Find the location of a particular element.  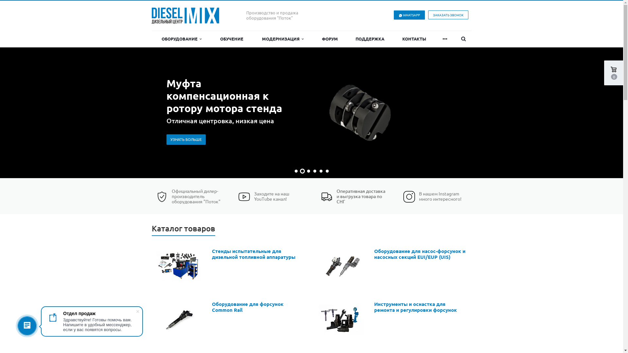

'3' is located at coordinates (308, 171).